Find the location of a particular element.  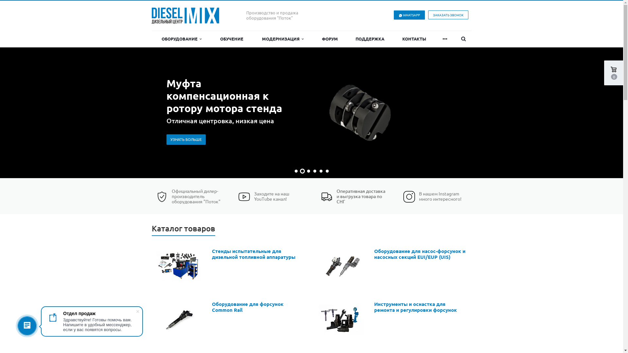

'3' is located at coordinates (308, 171).